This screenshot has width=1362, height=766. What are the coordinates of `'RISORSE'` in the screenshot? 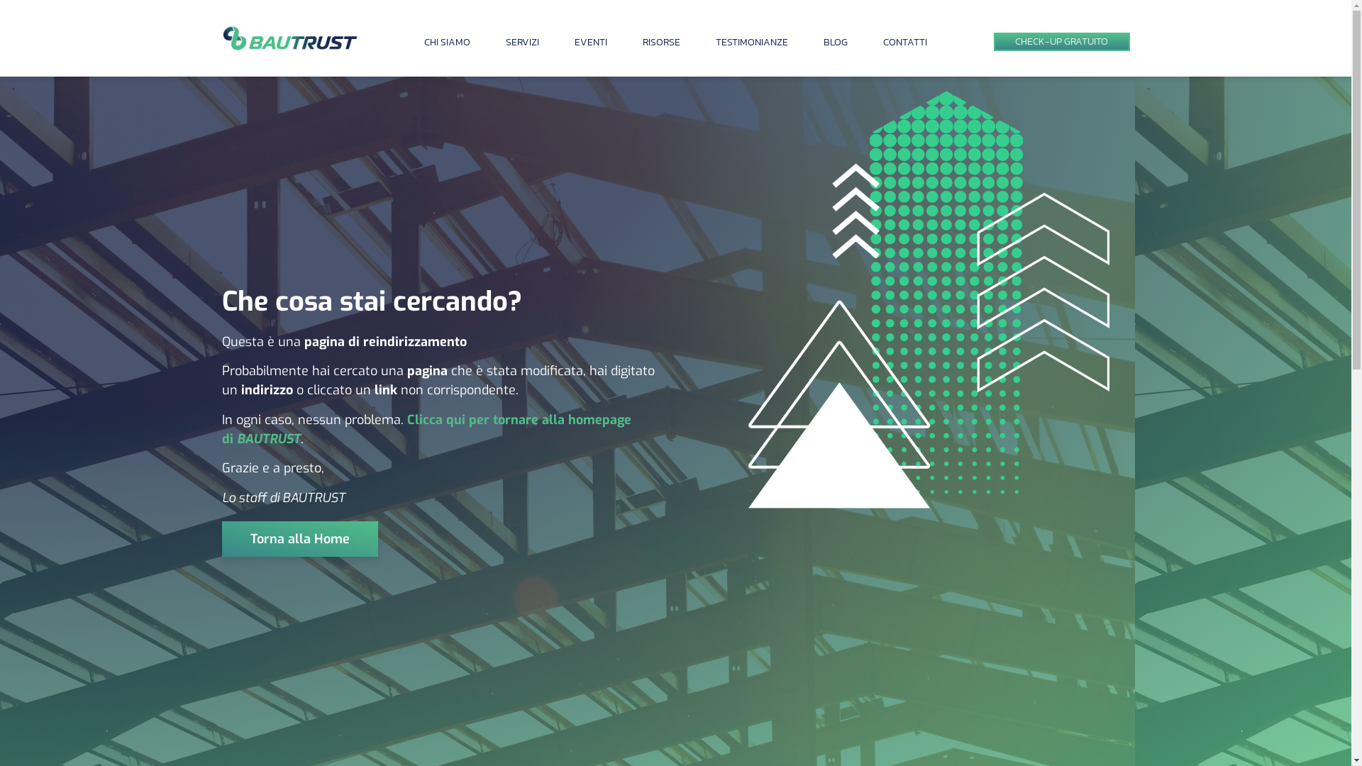 It's located at (642, 42).